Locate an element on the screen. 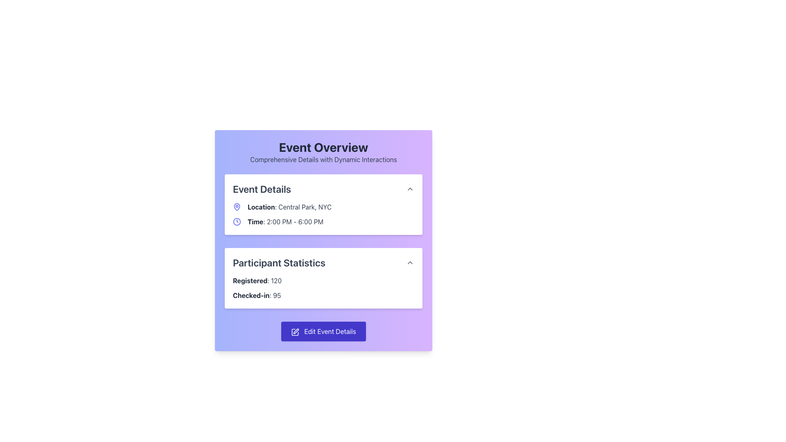 This screenshot has width=786, height=442. the SVG-based graphic icon that indicates the functionality of the 'Edit Event Details' button, located immediately before the button at the bottom center of the interface is located at coordinates (296, 331).